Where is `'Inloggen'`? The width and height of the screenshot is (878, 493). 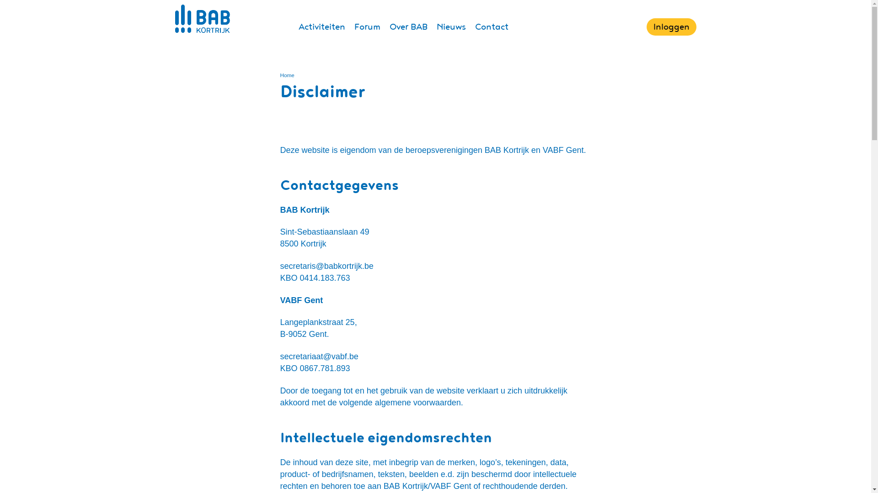 'Inloggen' is located at coordinates (646, 26).